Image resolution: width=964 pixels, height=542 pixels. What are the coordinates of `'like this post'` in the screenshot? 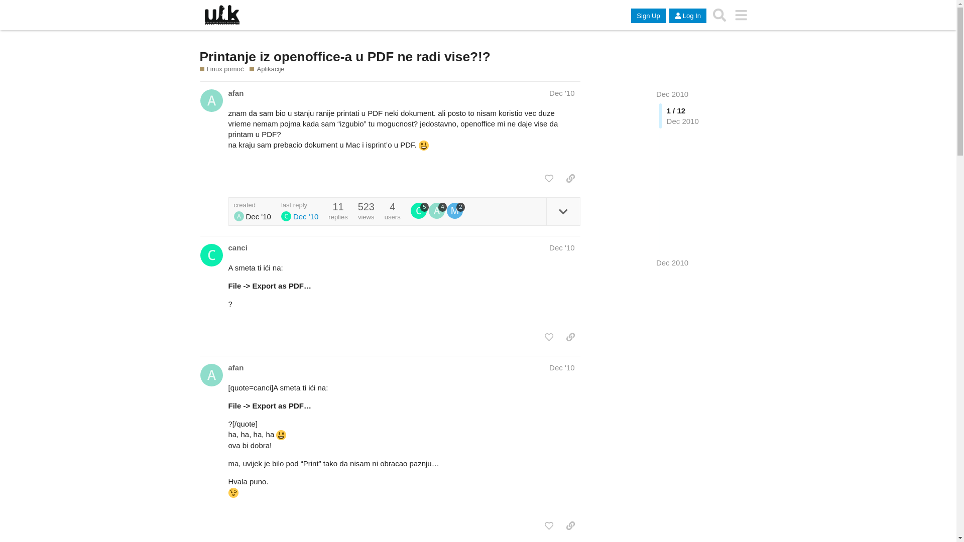 It's located at (548, 178).